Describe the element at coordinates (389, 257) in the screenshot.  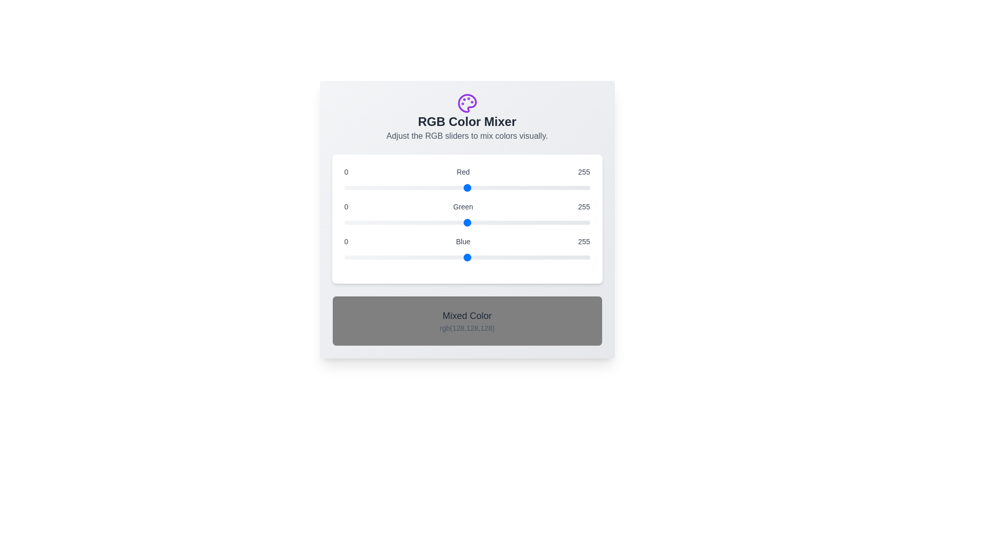
I see `the blue slider to a specific value 47 within the range 0 to 255` at that location.